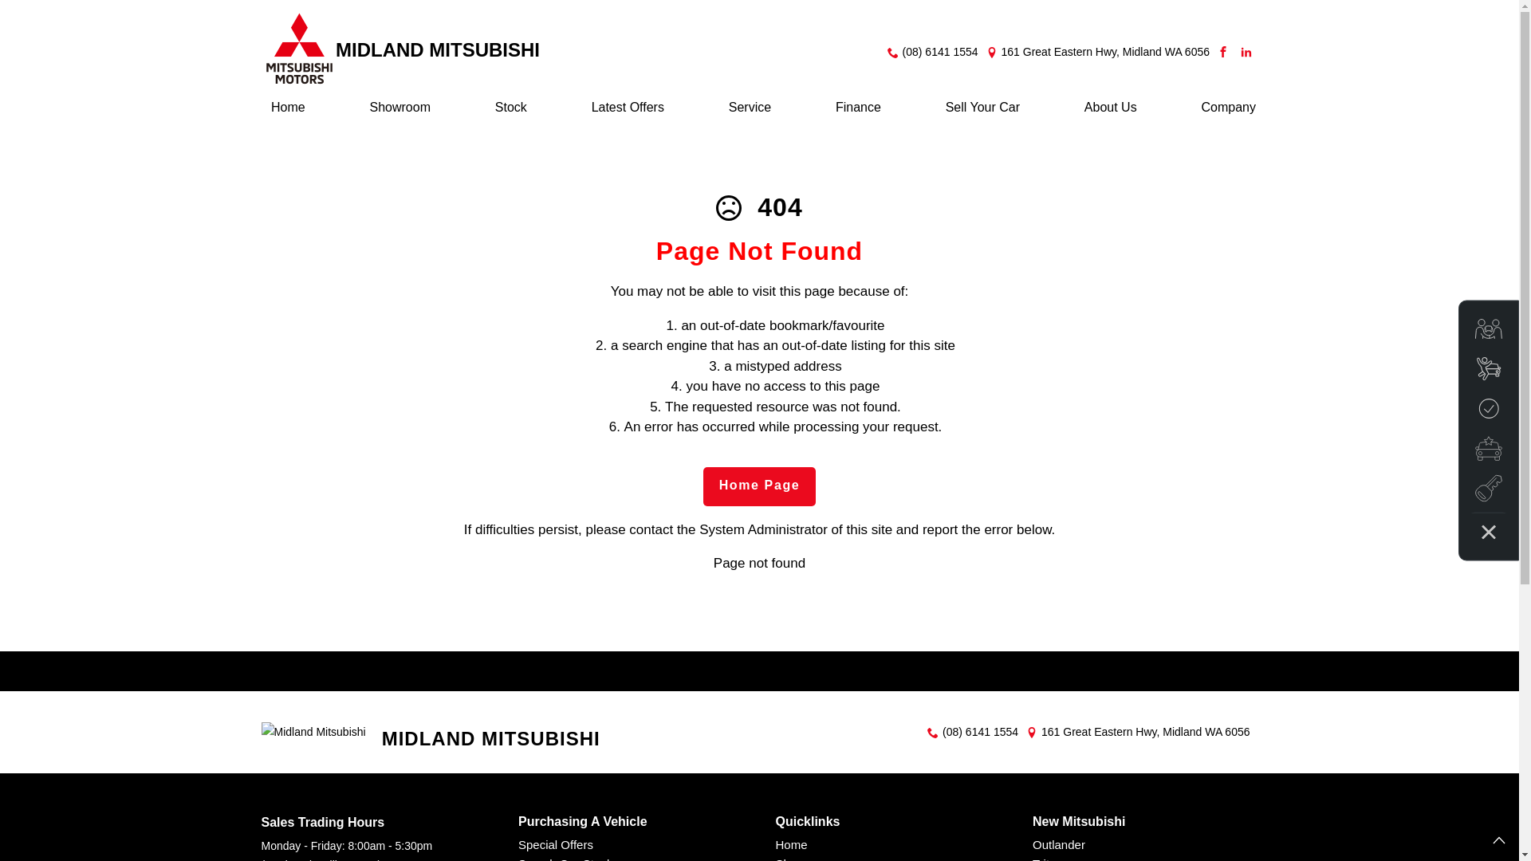 The image size is (1531, 861). Describe the element at coordinates (1223, 112) in the screenshot. I see `'Company'` at that location.